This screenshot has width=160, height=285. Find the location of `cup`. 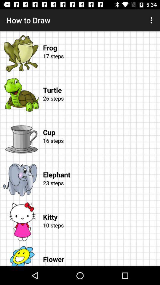

cup is located at coordinates (101, 126).